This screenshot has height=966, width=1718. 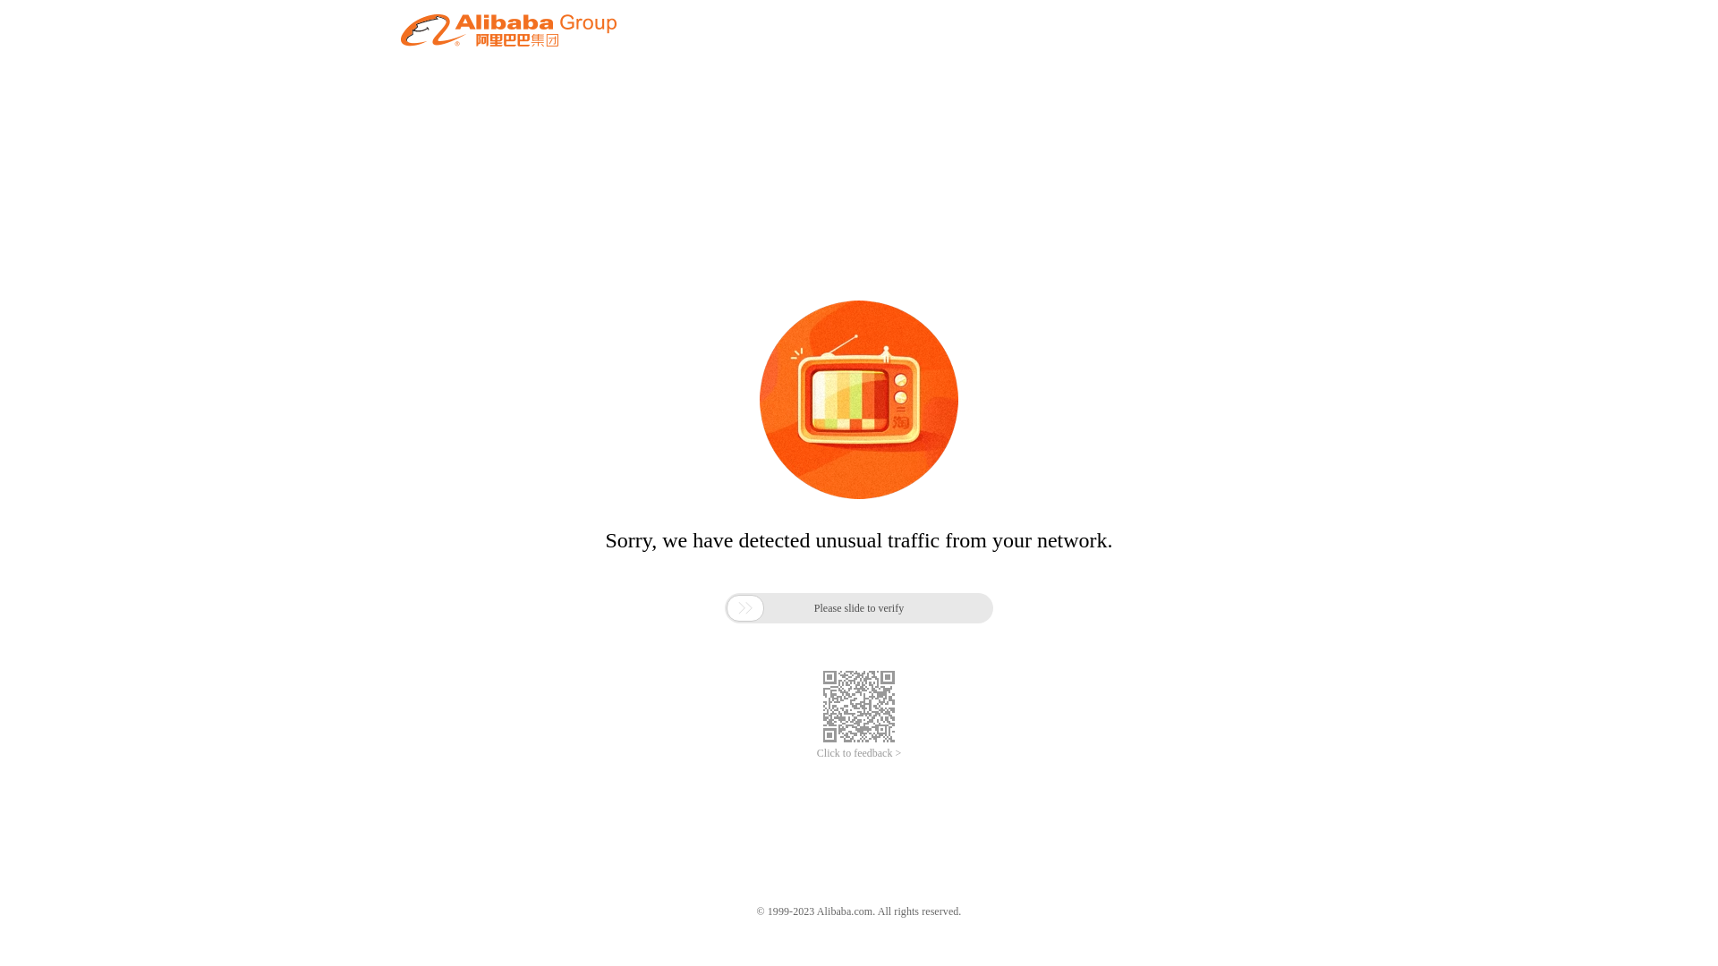 What do you see at coordinates (815, 753) in the screenshot?
I see `'Click to feedback >'` at bounding box center [815, 753].